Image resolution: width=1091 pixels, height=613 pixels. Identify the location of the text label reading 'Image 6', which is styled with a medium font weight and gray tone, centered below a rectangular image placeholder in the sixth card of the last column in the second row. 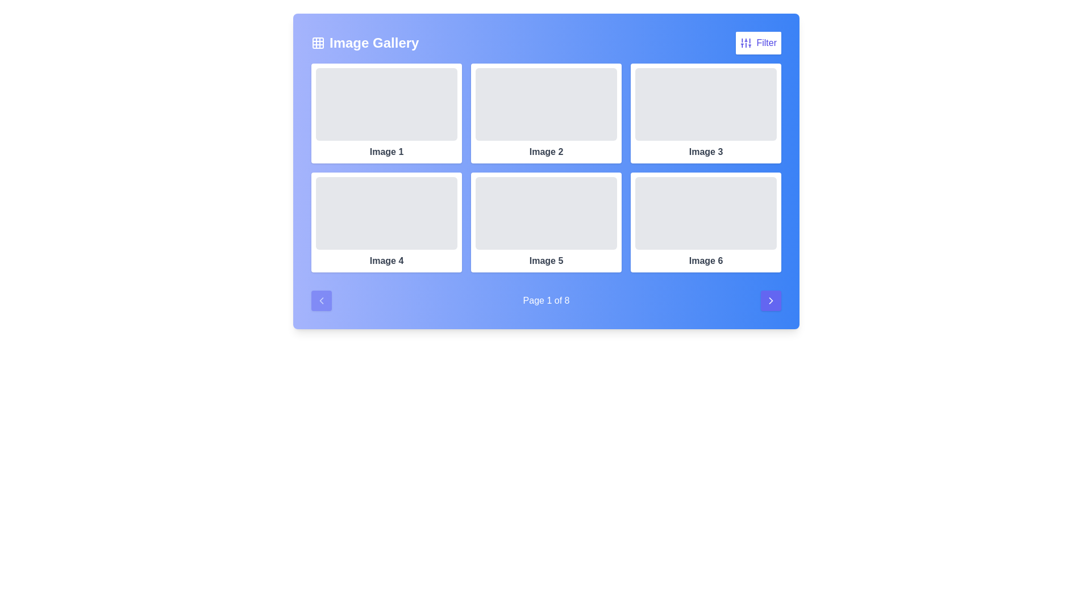
(705, 261).